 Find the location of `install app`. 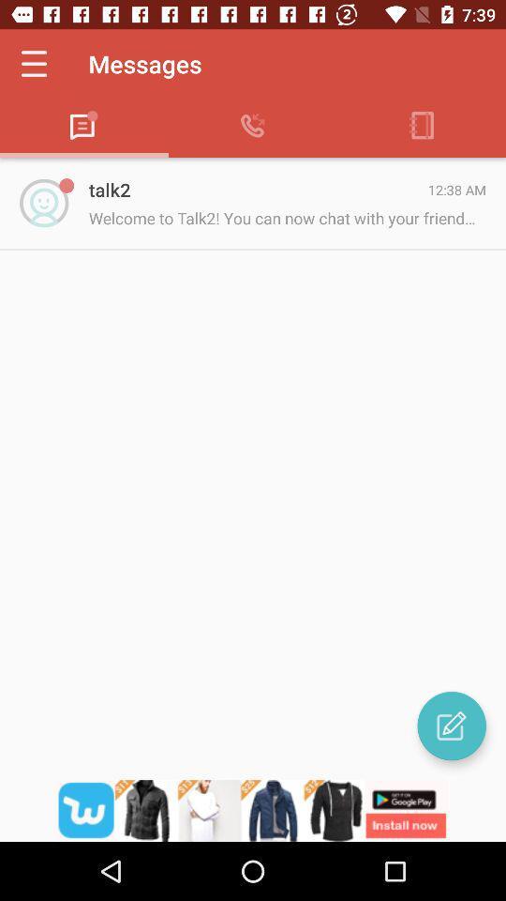

install app is located at coordinates (253, 810).